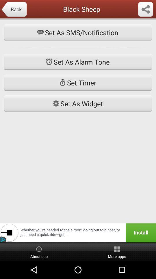 This screenshot has width=156, height=279. Describe the element at coordinates (78, 233) in the screenshot. I see `icon at the bottom` at that location.